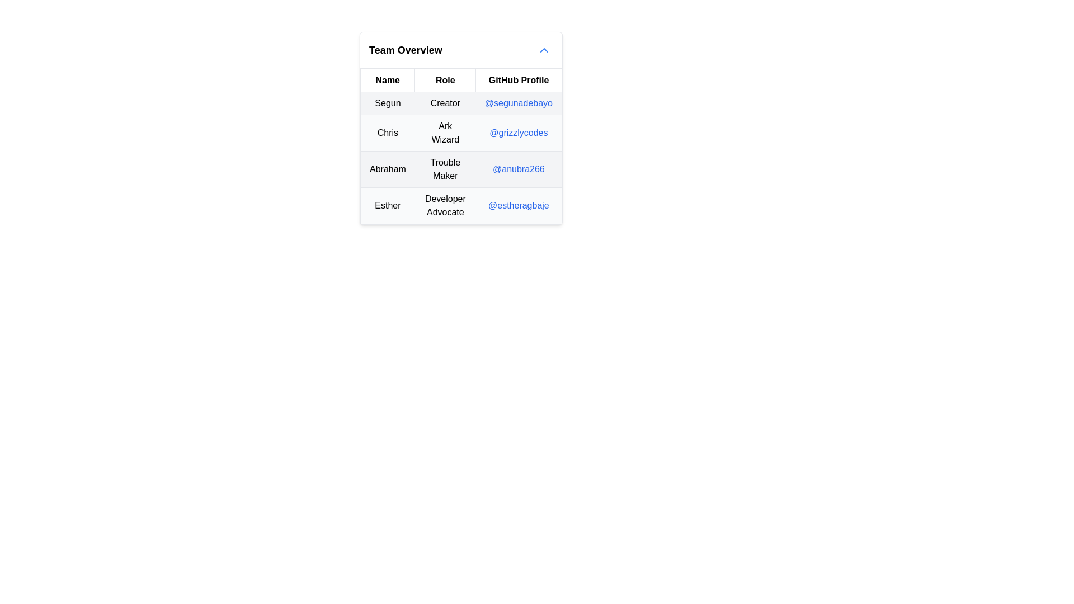  What do you see at coordinates (518, 205) in the screenshot?
I see `the interactive GitHub hyperlink displaying the username '@estheragbaje' which is styled in blue text and underlined on hover, located in the last row of the table under the 'GitHub Profile' column` at bounding box center [518, 205].